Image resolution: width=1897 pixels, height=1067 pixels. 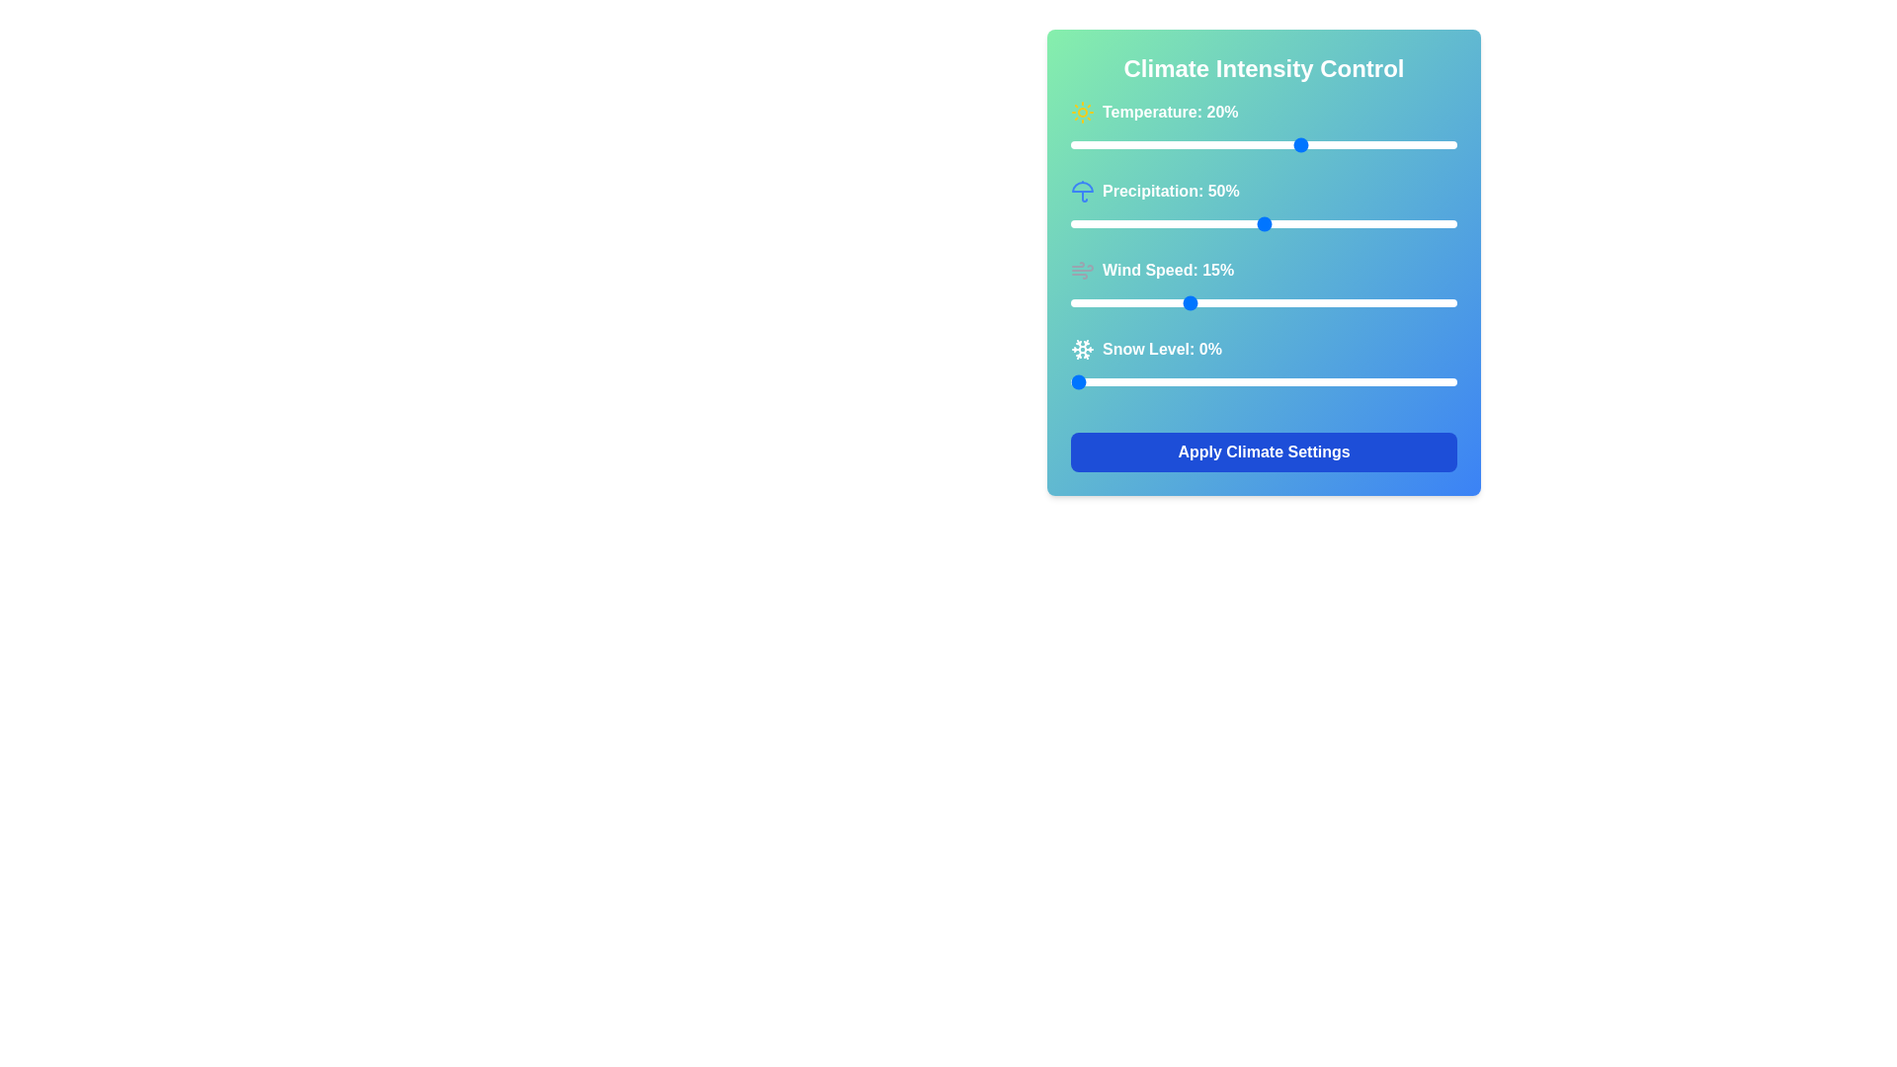 I want to click on wind speed, so click(x=1449, y=303).